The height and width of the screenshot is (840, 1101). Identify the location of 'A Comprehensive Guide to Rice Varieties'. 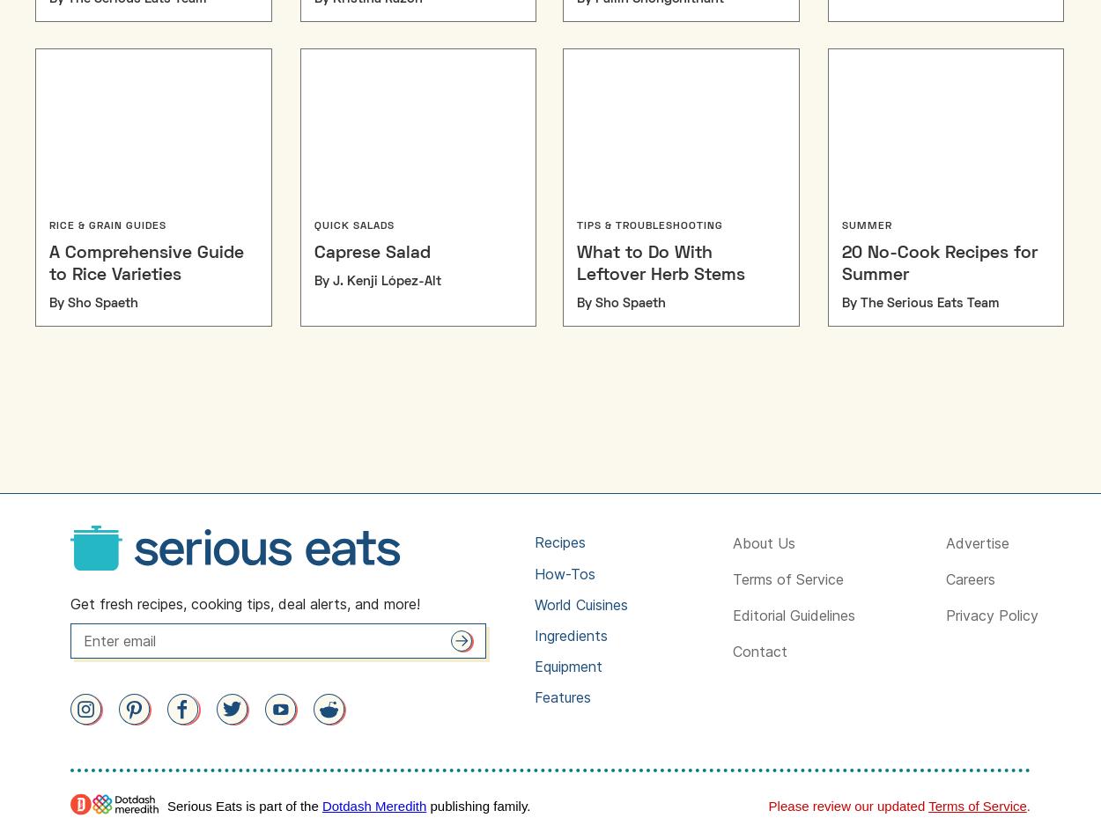
(146, 263).